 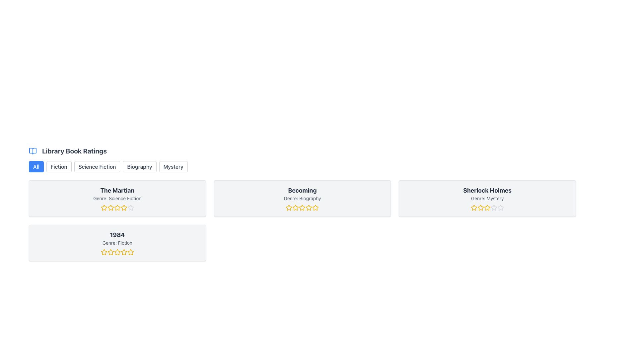 What do you see at coordinates (110, 207) in the screenshot?
I see `the second star in the rating section below the title 'The Martian' to provide a rating of 2 stars` at bounding box center [110, 207].